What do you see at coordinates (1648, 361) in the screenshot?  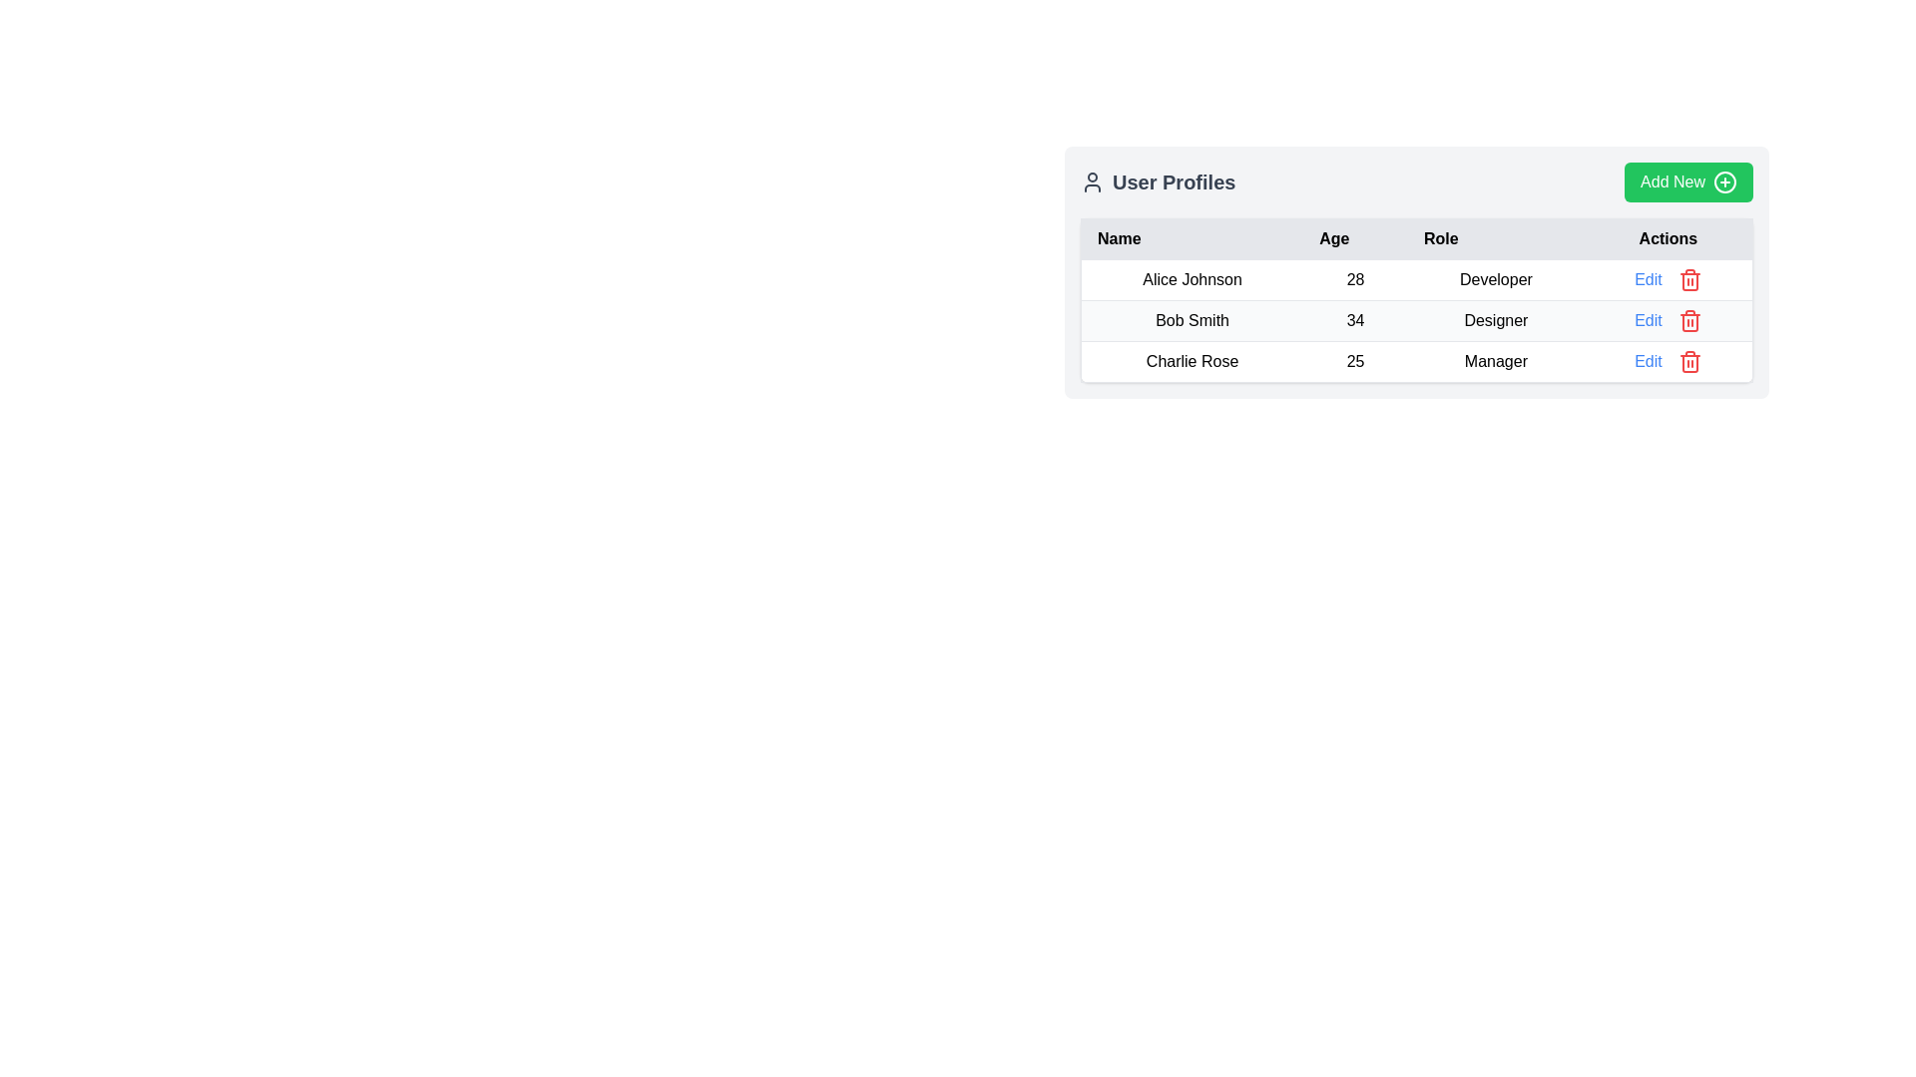 I see `the blue-colored hyperlink styled as a button labeled 'Edit' to trigger its hover effect, changing its color to a darker blue` at bounding box center [1648, 361].